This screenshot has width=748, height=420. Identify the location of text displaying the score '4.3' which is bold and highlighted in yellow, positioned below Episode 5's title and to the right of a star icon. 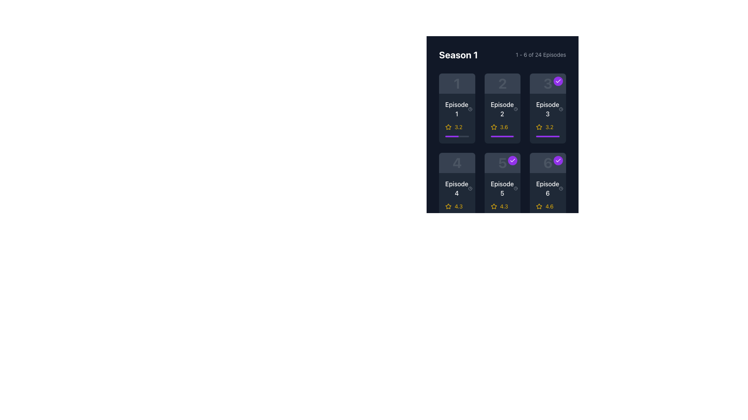
(504, 206).